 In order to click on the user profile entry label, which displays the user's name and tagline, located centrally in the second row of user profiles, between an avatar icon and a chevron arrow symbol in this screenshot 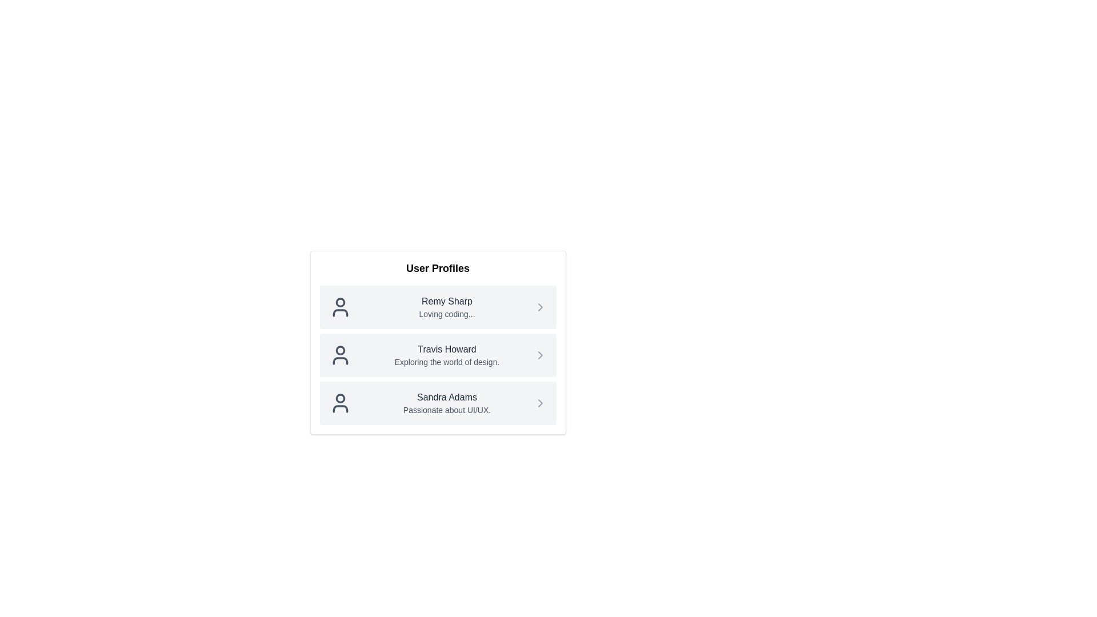, I will do `click(446, 306)`.